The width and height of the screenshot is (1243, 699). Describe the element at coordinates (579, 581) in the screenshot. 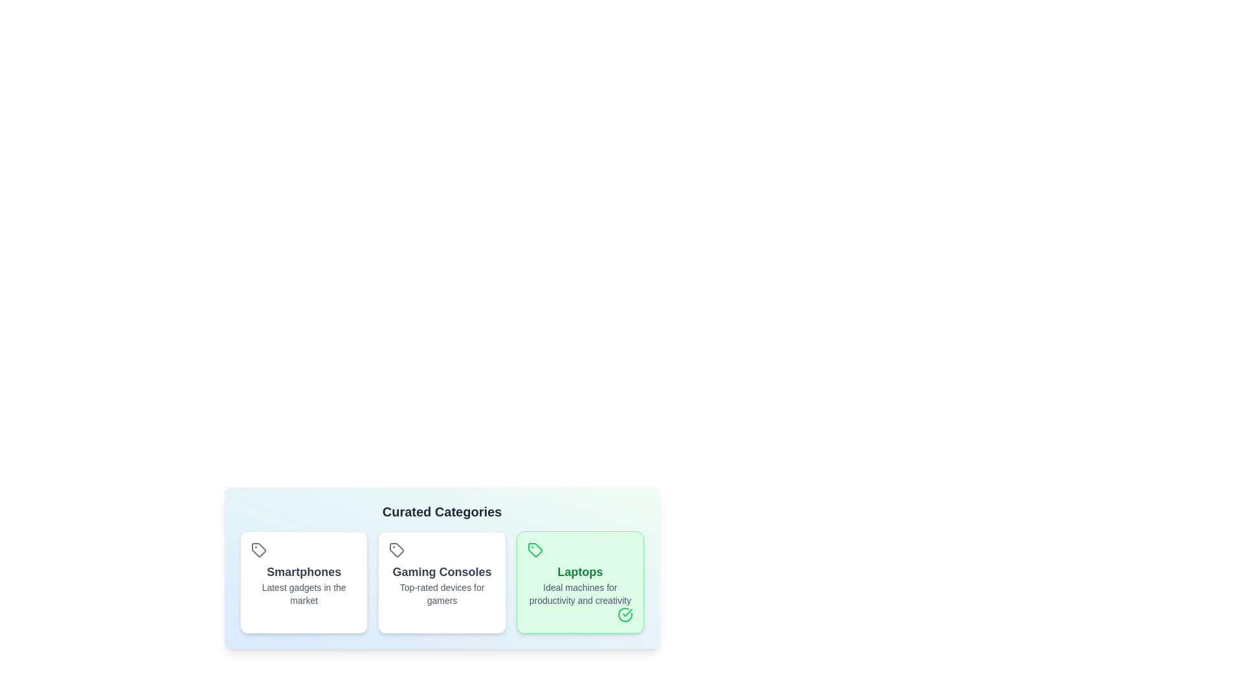

I see `the chip labeled 'Laptops'` at that location.